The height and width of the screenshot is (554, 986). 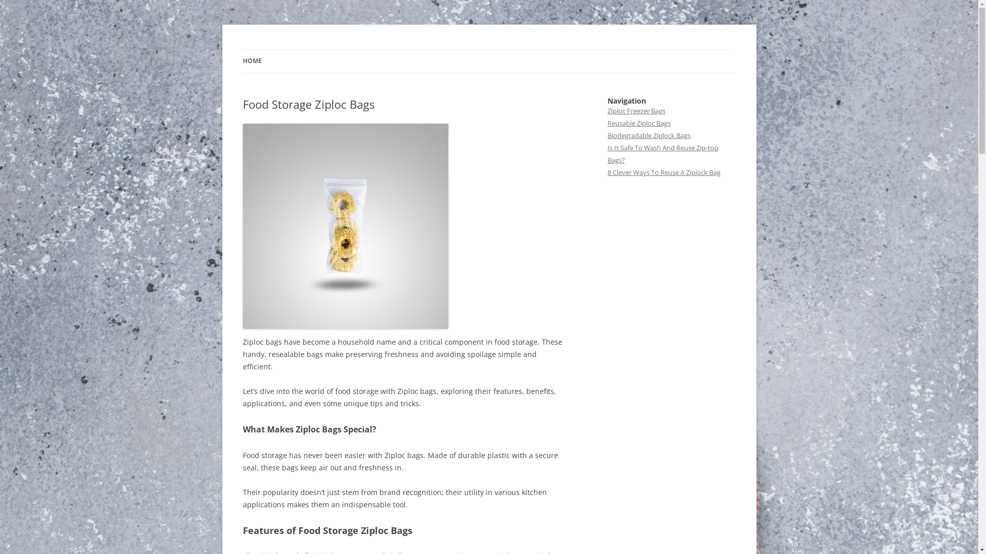 I want to click on 'Biodegradable Ziplock Bags', so click(x=648, y=134).